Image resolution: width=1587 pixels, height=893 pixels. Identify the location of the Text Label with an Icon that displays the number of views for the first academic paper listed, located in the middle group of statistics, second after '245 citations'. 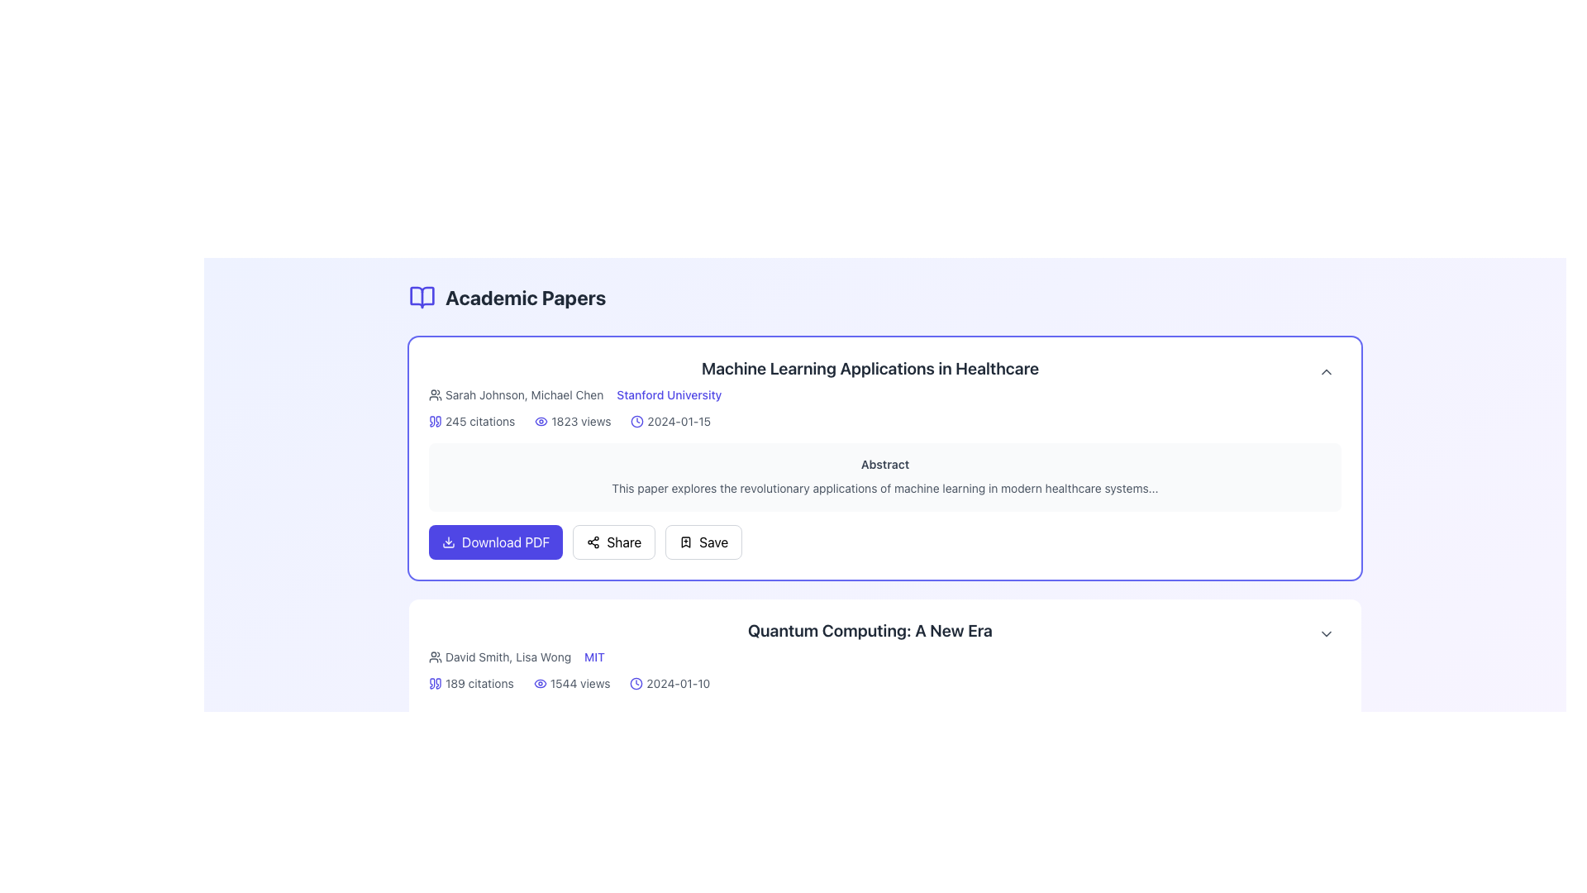
(573, 420).